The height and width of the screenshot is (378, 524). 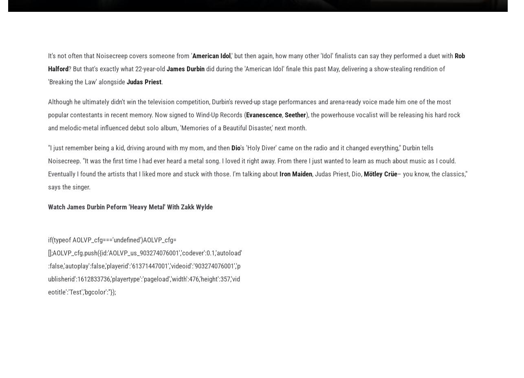 I want to click on 'did during the 'American Idol' finale this past May, delivering a show-stealing rendition of 'Breaking the Law' alongside', so click(x=246, y=88).